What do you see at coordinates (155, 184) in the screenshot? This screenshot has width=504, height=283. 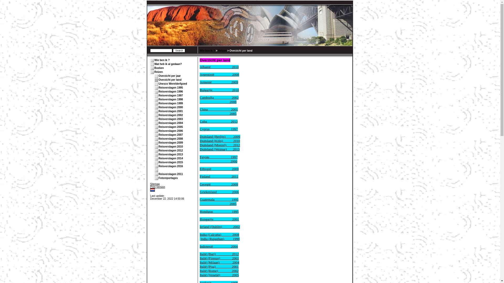 I see `'Sitemap'` at bounding box center [155, 184].